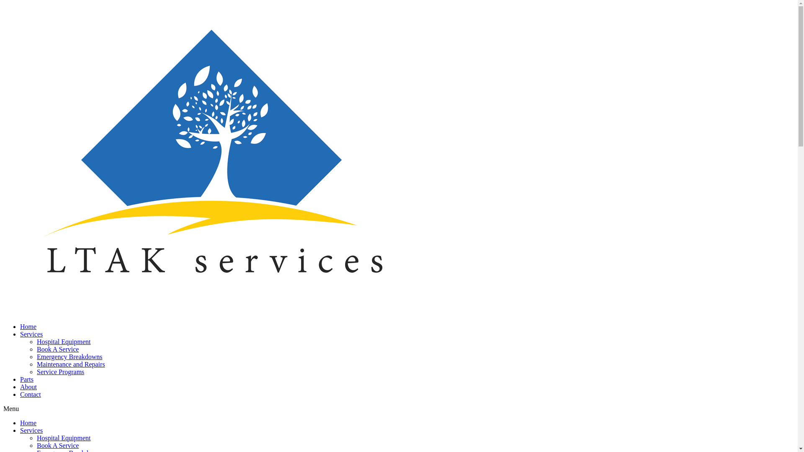  I want to click on 'Book A Service', so click(57, 349).